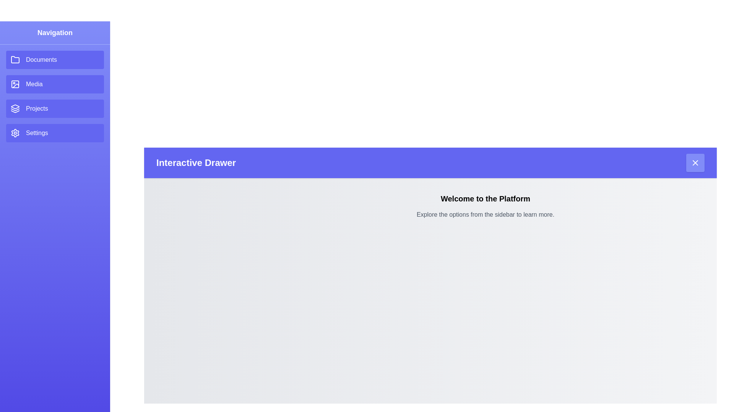  I want to click on the menu button to toggle the drawer's state, so click(695, 163).